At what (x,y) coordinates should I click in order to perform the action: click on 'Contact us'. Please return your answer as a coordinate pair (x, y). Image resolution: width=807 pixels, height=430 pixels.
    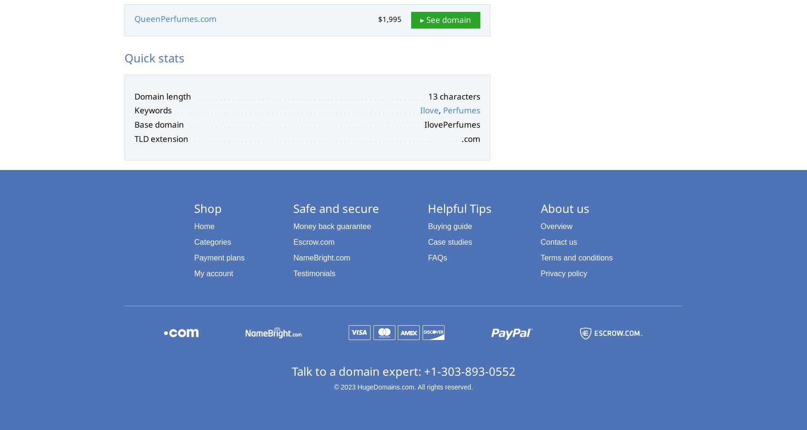
    Looking at the image, I should click on (558, 242).